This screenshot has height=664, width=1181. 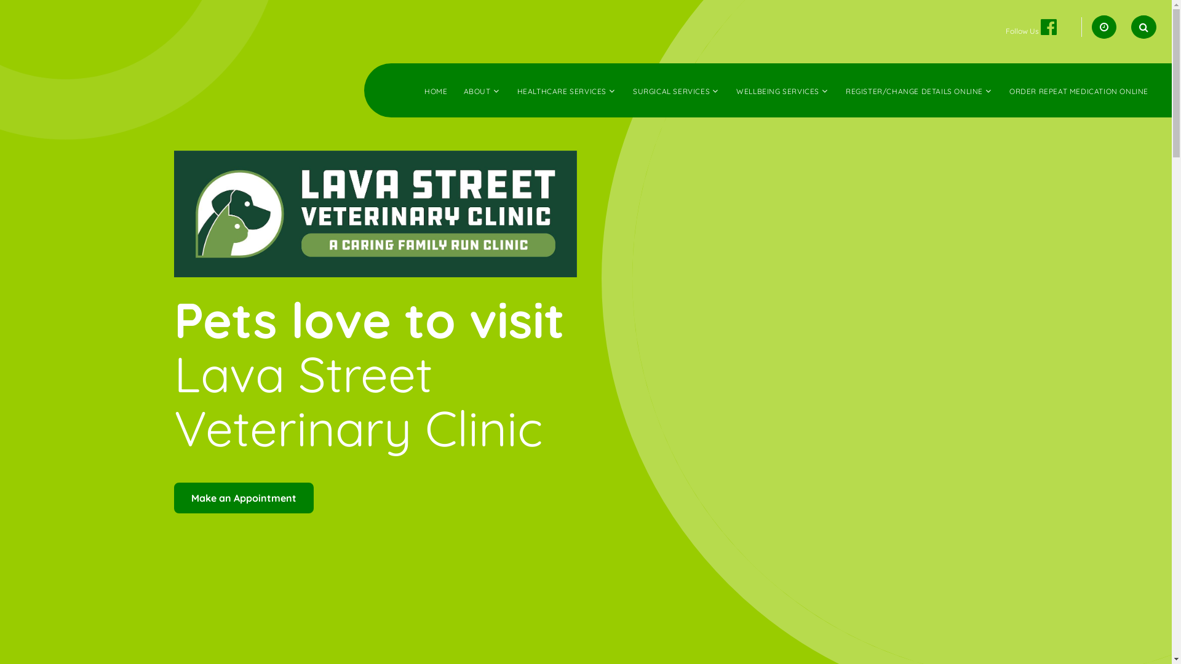 I want to click on 'HEALTHCARE SERVICES', so click(x=561, y=90).